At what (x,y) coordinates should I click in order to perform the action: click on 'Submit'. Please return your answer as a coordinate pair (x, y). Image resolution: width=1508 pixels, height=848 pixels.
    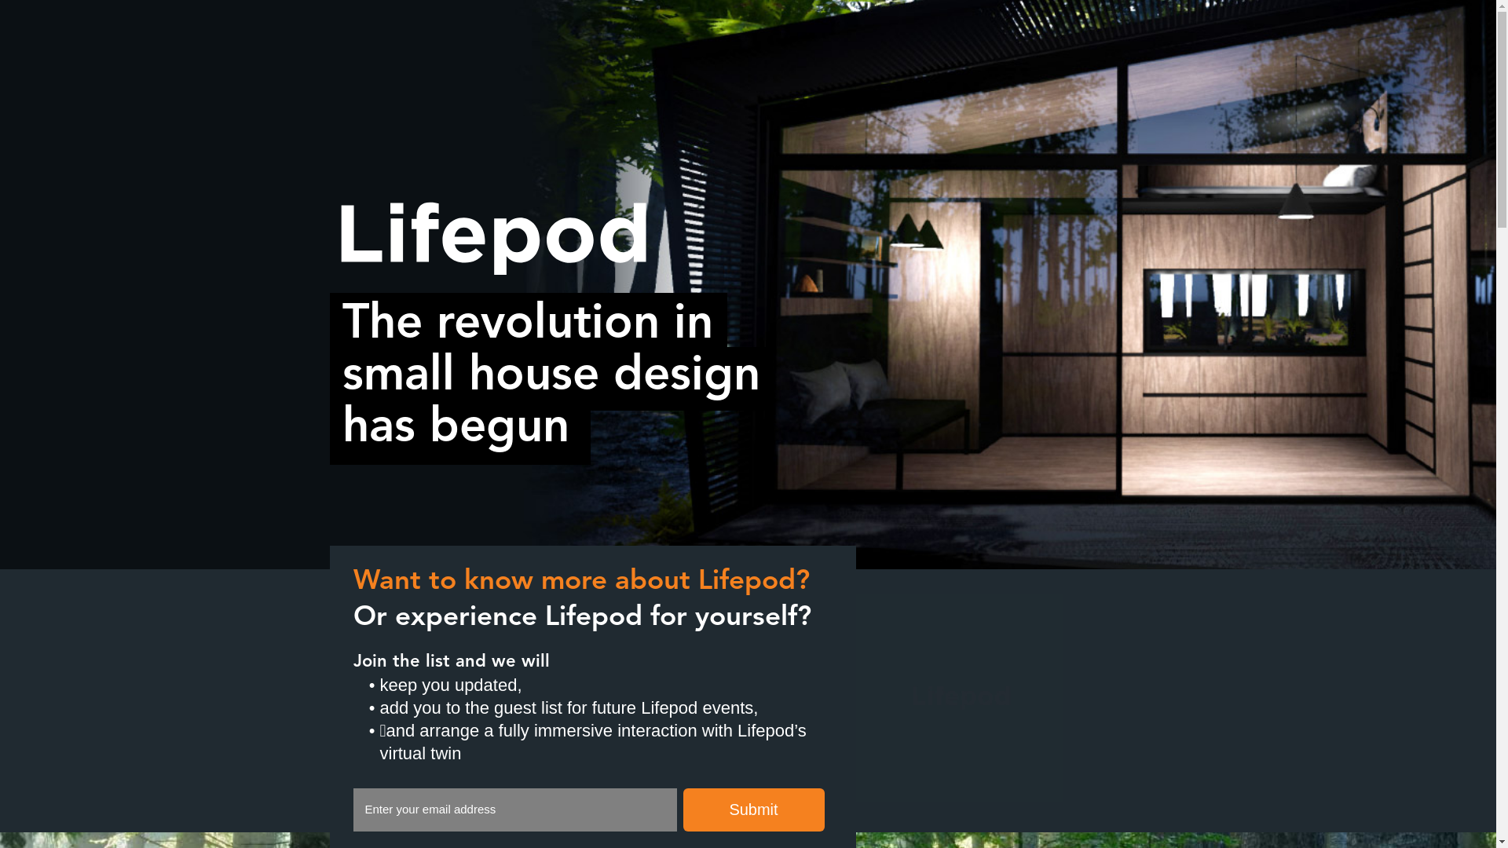
    Looking at the image, I should click on (754, 810).